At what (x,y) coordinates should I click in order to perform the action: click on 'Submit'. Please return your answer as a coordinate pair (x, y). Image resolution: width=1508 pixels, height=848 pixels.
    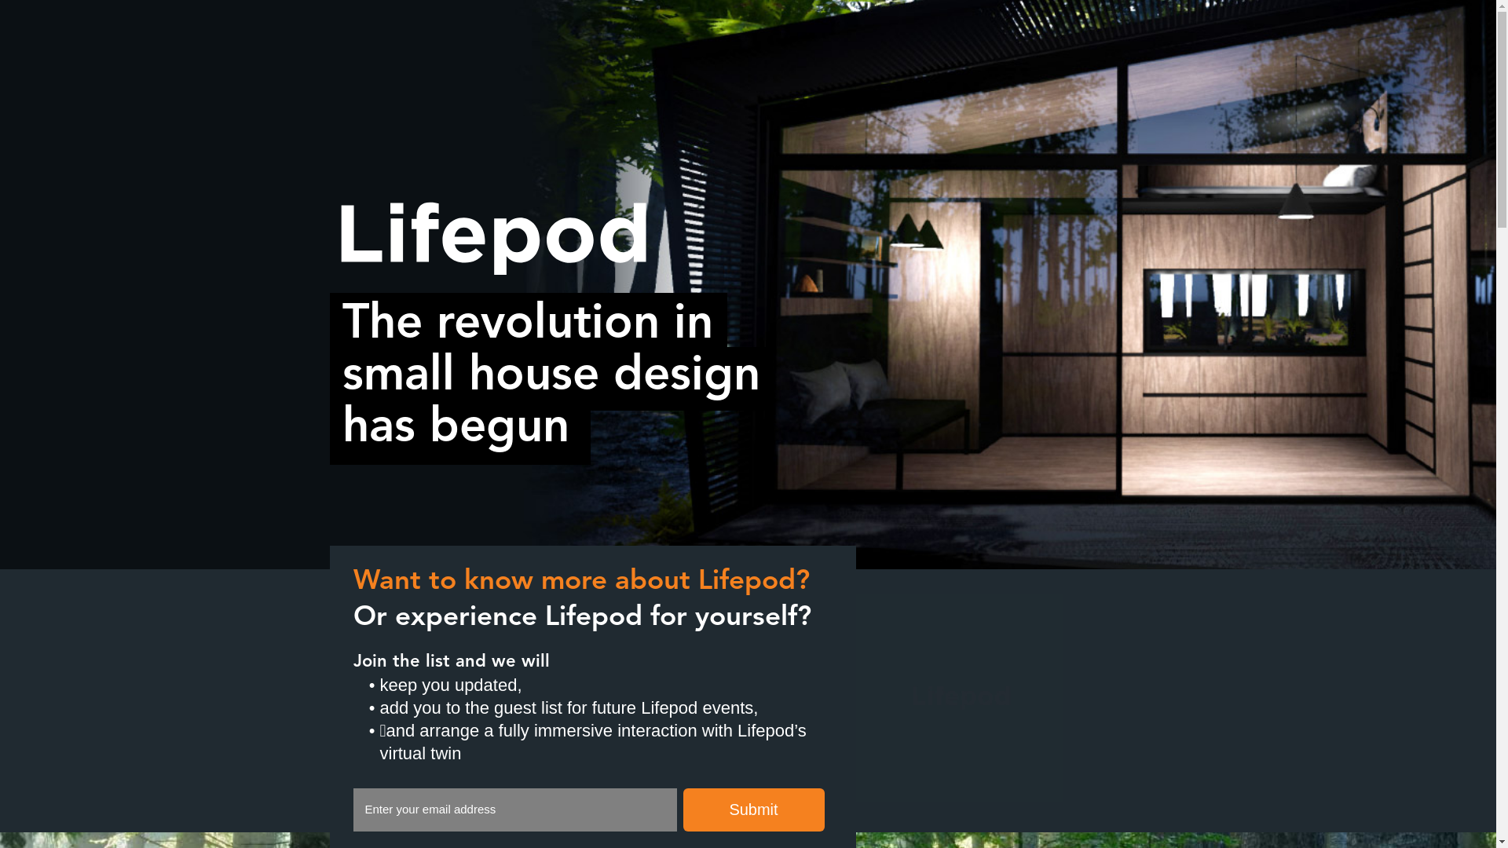
    Looking at the image, I should click on (754, 810).